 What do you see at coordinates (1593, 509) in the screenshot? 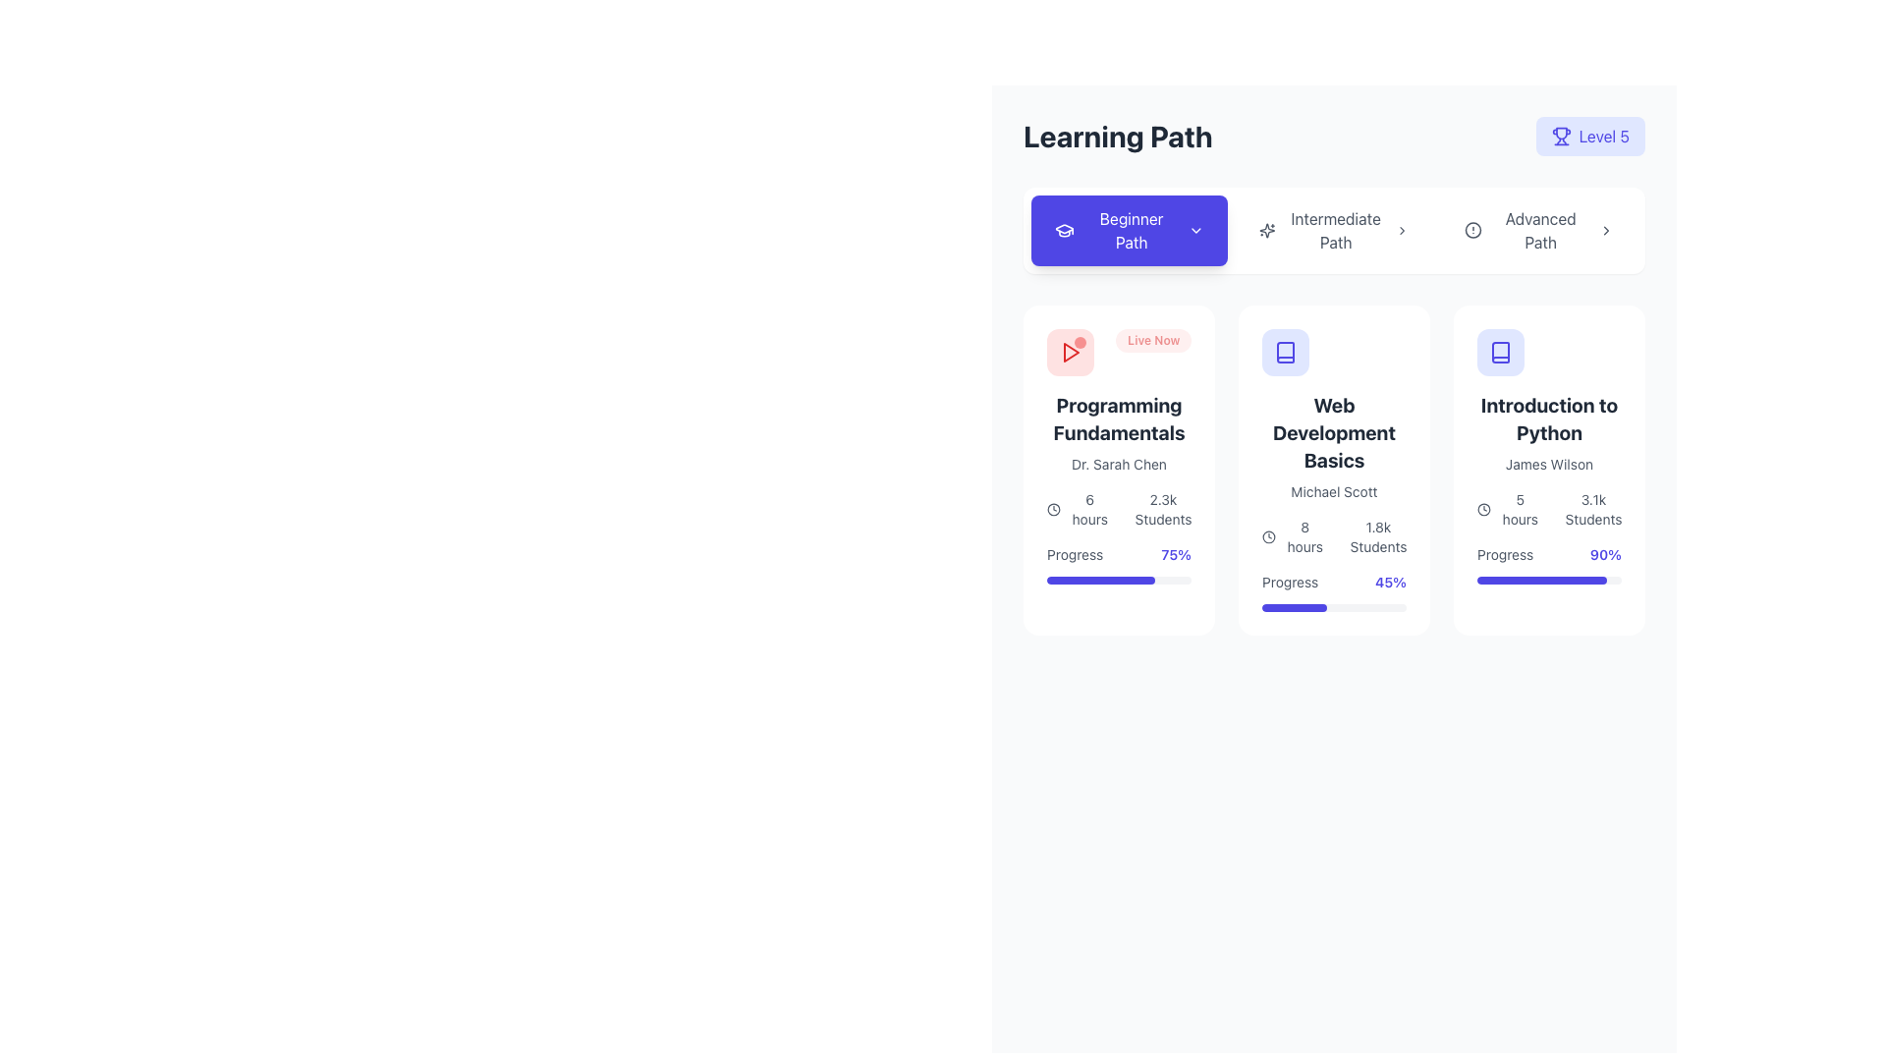
I see `the static text displaying '3.1k Students' located at the bottom right of the 'Introduction to Python' card` at bounding box center [1593, 509].